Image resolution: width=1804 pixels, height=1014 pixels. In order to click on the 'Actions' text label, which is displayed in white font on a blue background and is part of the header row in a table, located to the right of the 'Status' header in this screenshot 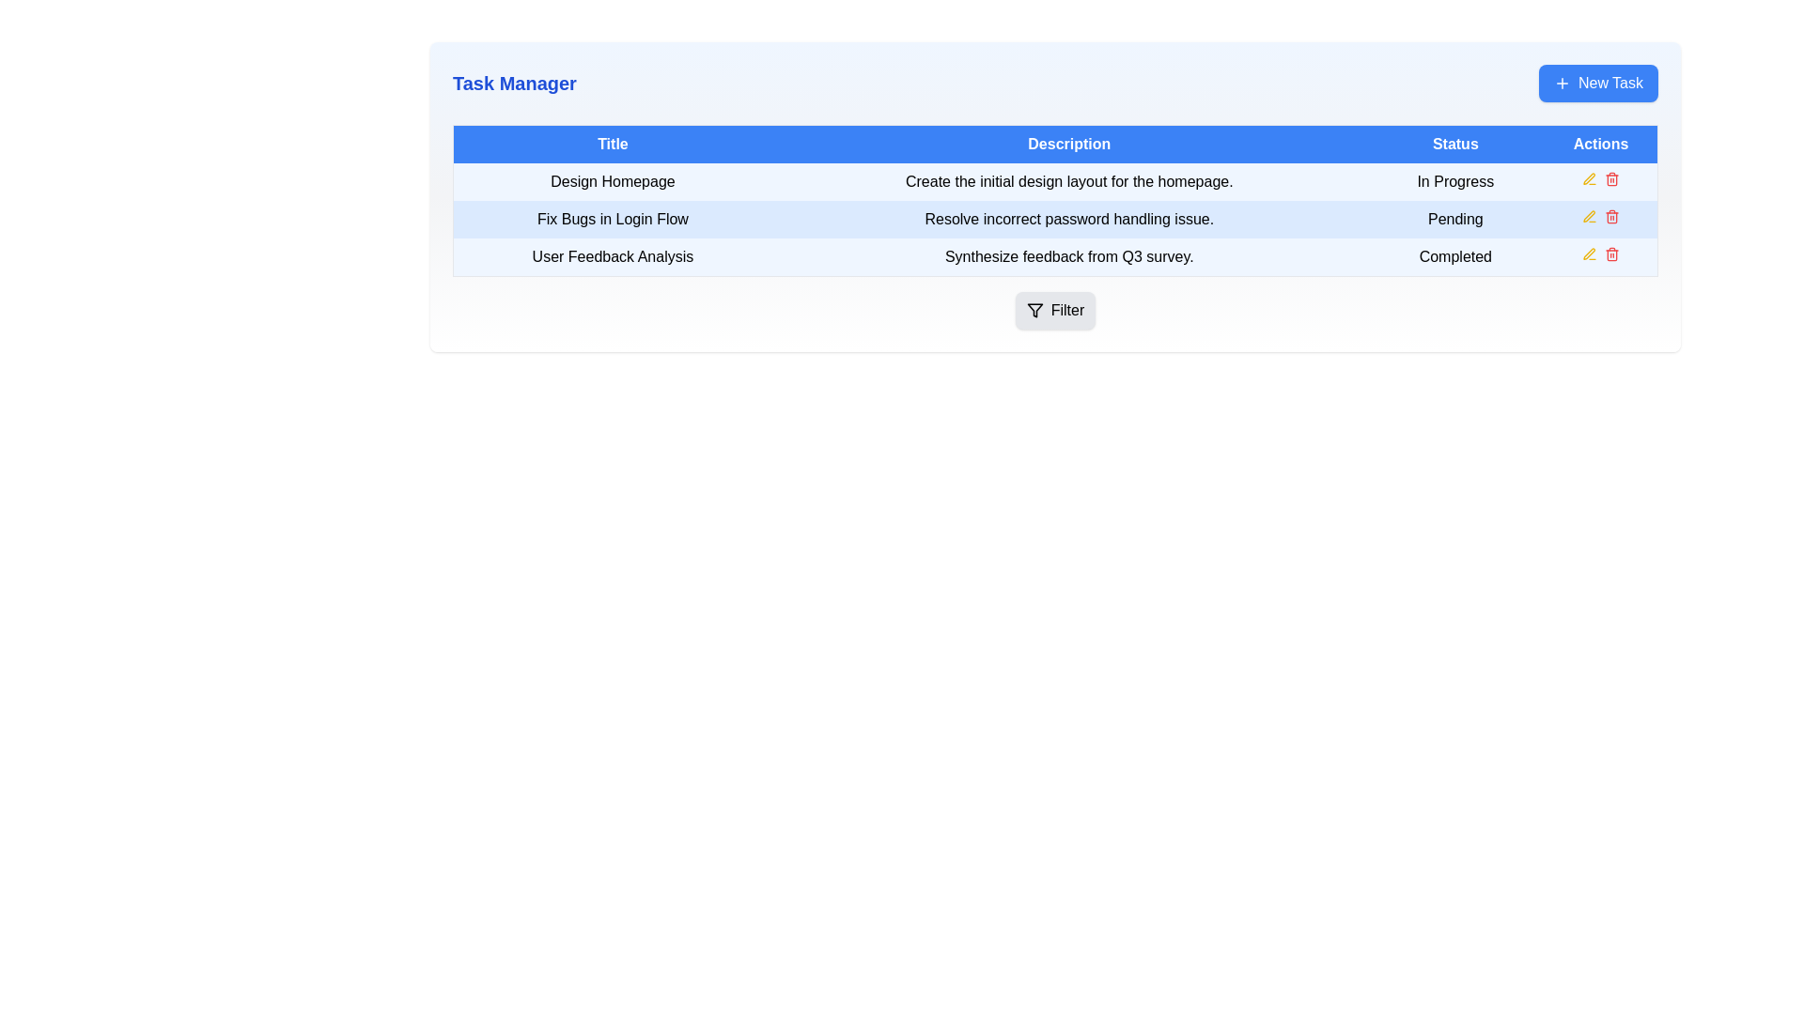, I will do `click(1600, 143)`.